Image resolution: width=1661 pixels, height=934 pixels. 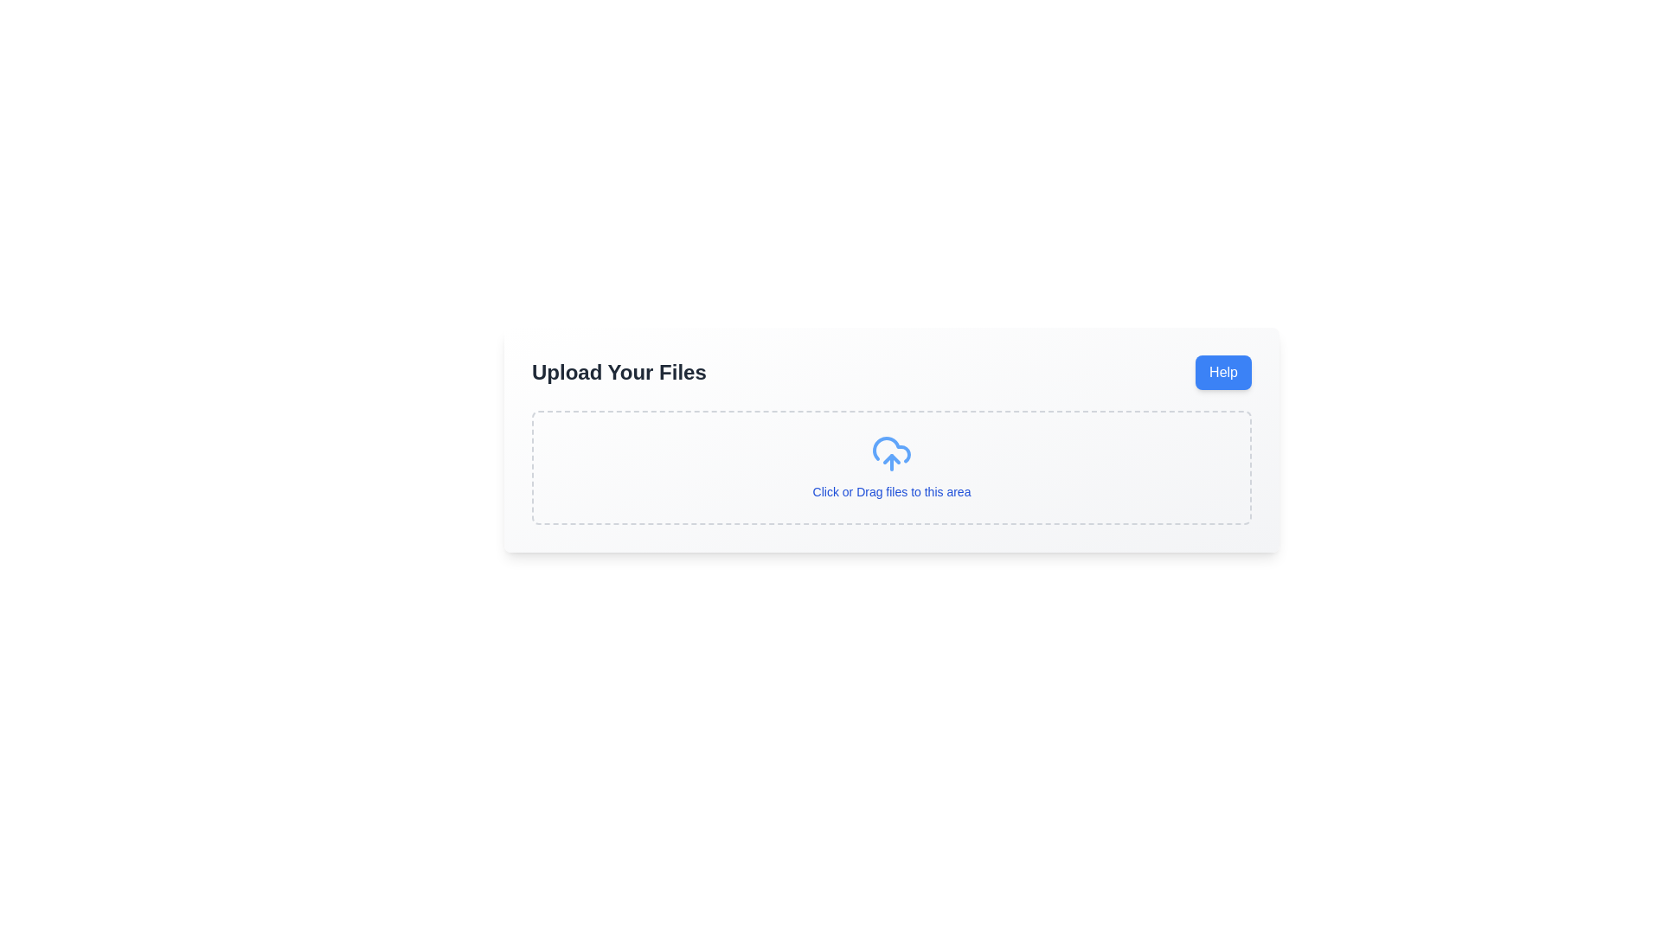 I want to click on text heading labeled 'Upload Your Files', which is a bold and large font on the left side of the header section, so click(x=619, y=372).